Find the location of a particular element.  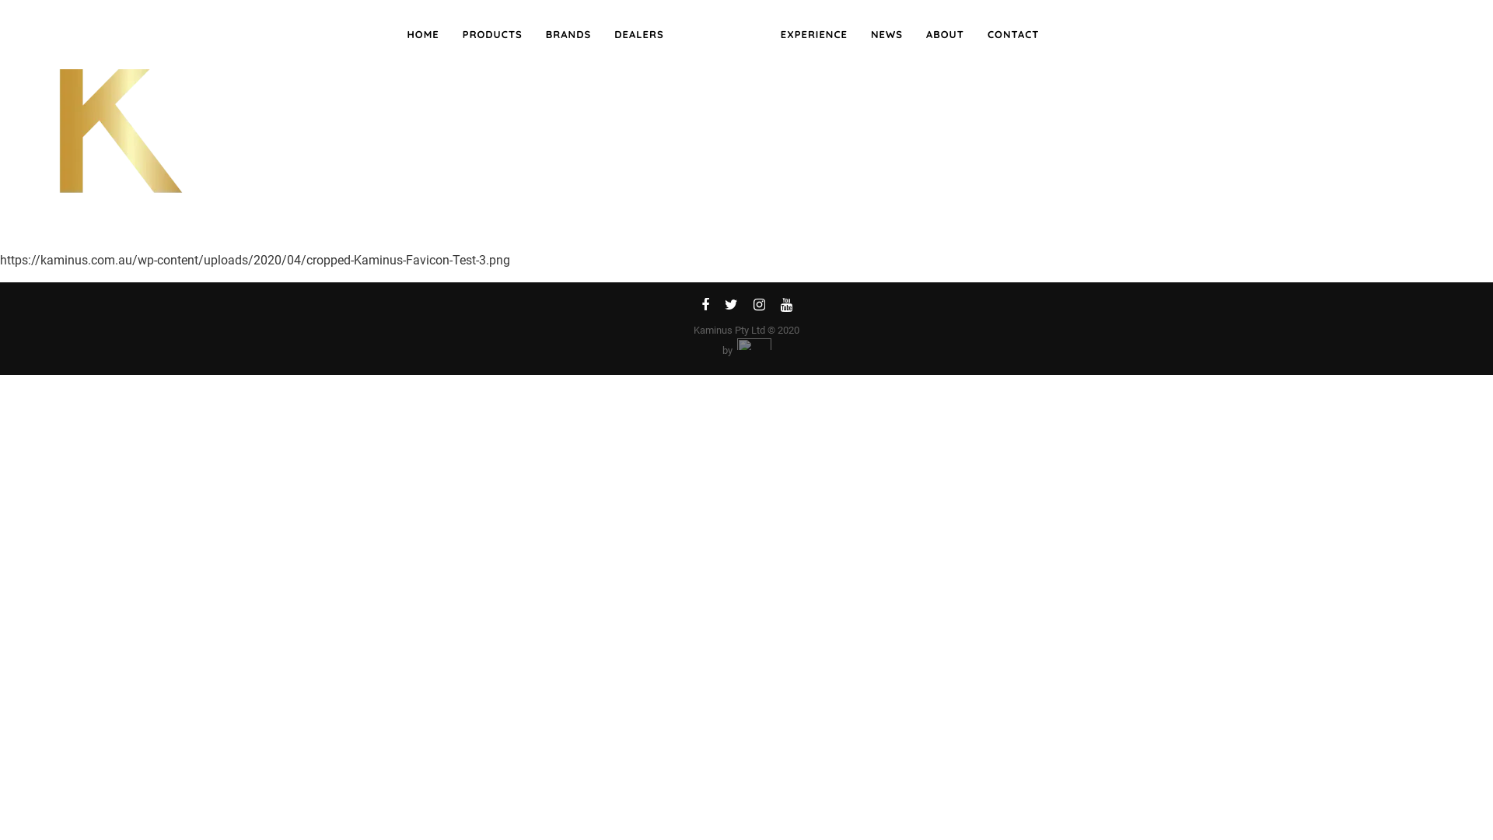

'PRODUCTS' is located at coordinates (491, 35).